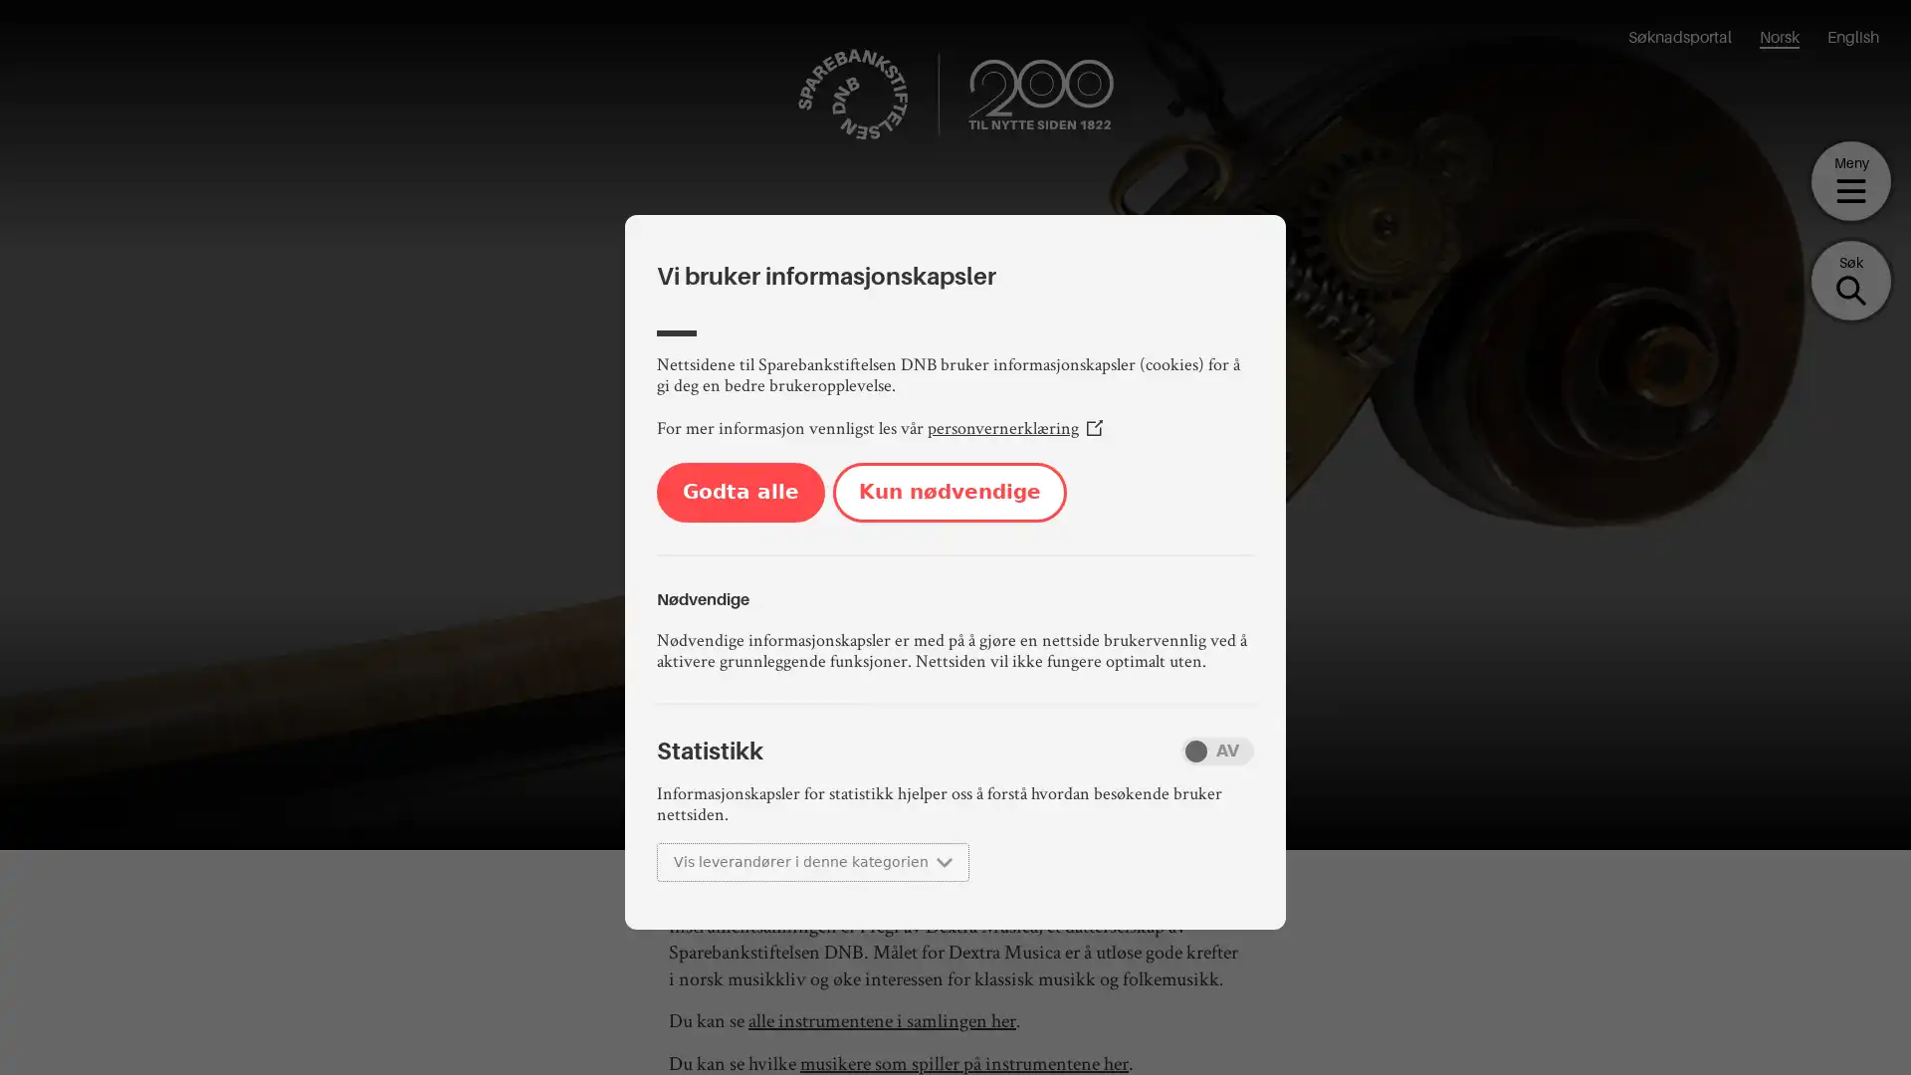  Describe the element at coordinates (812, 861) in the screenshot. I see `Vis leverandrer i denne kategorien` at that location.